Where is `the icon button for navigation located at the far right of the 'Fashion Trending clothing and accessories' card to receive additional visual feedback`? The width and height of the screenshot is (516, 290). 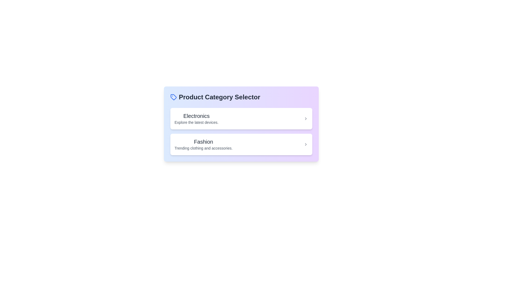 the icon button for navigation located at the far right of the 'Fashion Trending clothing and accessories' card to receive additional visual feedback is located at coordinates (306, 144).